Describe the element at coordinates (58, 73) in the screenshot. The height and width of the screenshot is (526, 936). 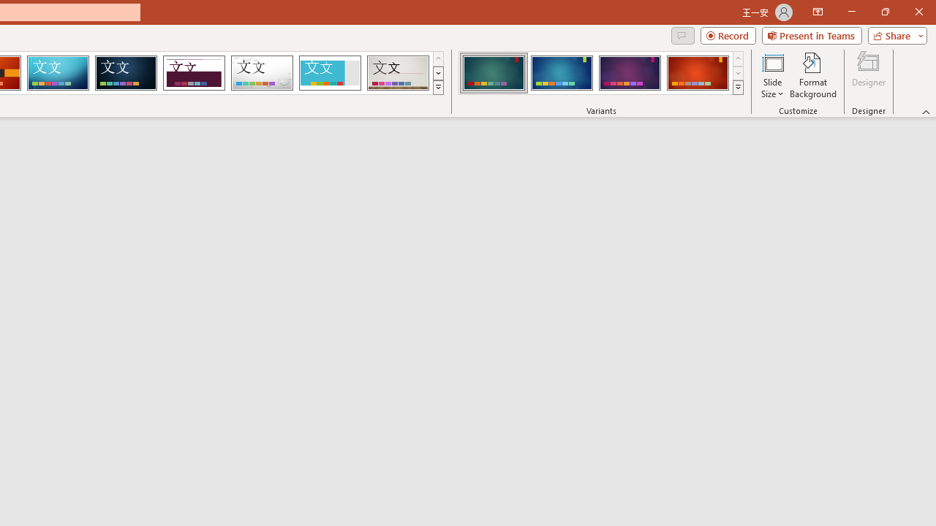
I see `'Circuit Loading Preview...'` at that location.